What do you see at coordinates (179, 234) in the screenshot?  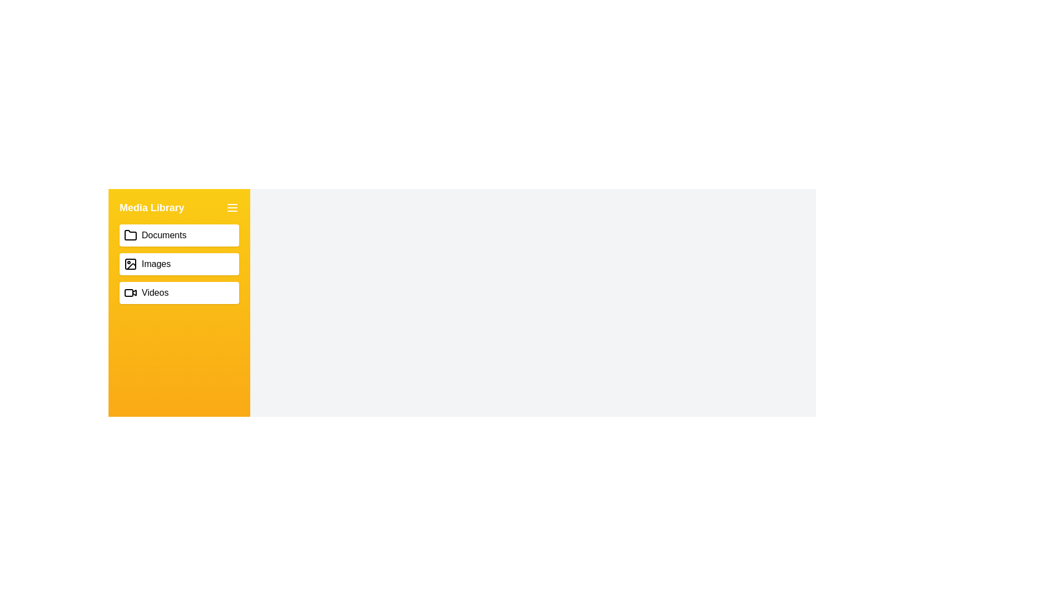 I see `the 'Documents' button in the MediaDrawer` at bounding box center [179, 234].